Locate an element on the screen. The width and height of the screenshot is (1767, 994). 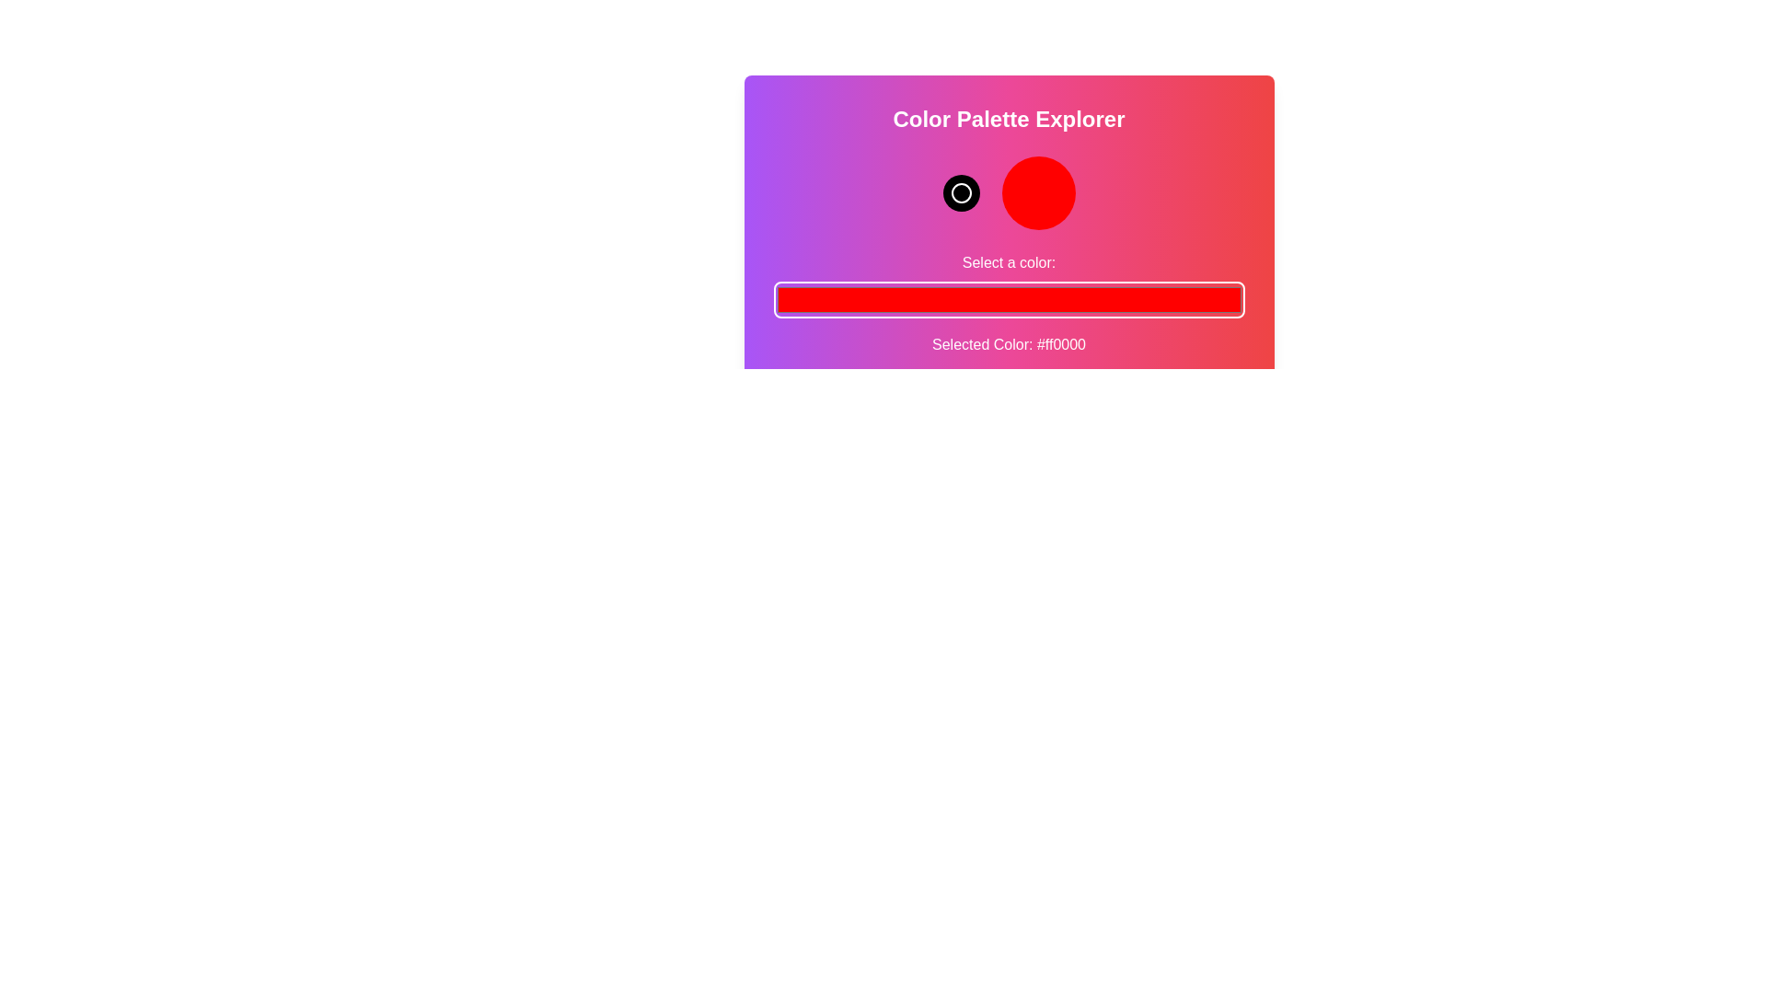
the color picker to a specific color value 6737073 is located at coordinates (1008, 299).